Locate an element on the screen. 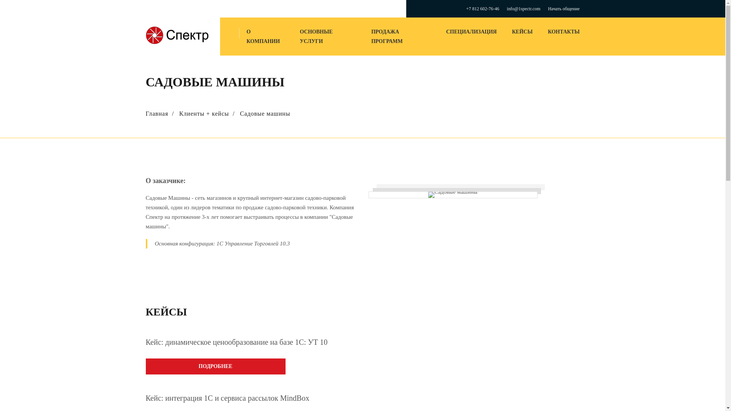 The height and width of the screenshot is (411, 731). '+7 812 602-76-46' is located at coordinates (466, 9).